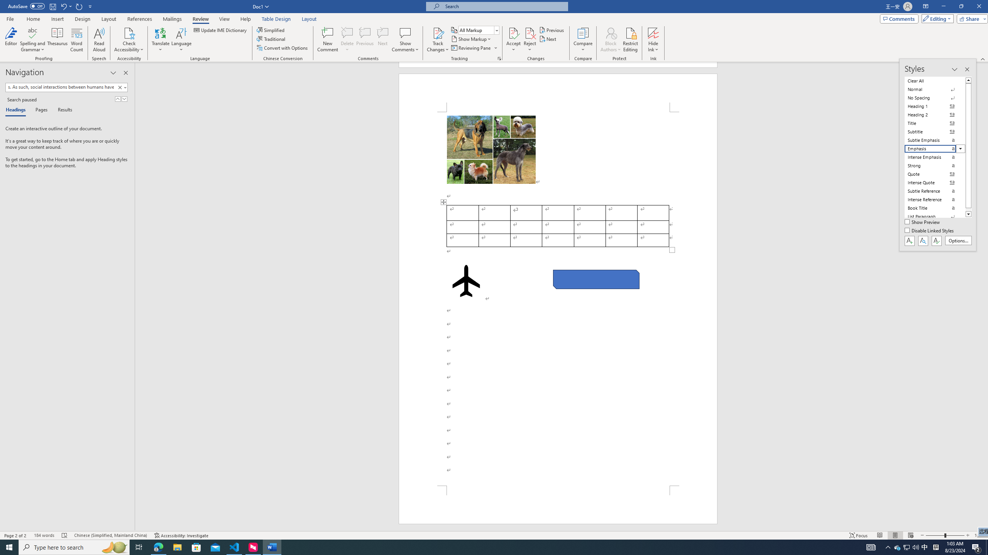 The height and width of the screenshot is (555, 988). I want to click on 'Restrict Editing', so click(631, 40).